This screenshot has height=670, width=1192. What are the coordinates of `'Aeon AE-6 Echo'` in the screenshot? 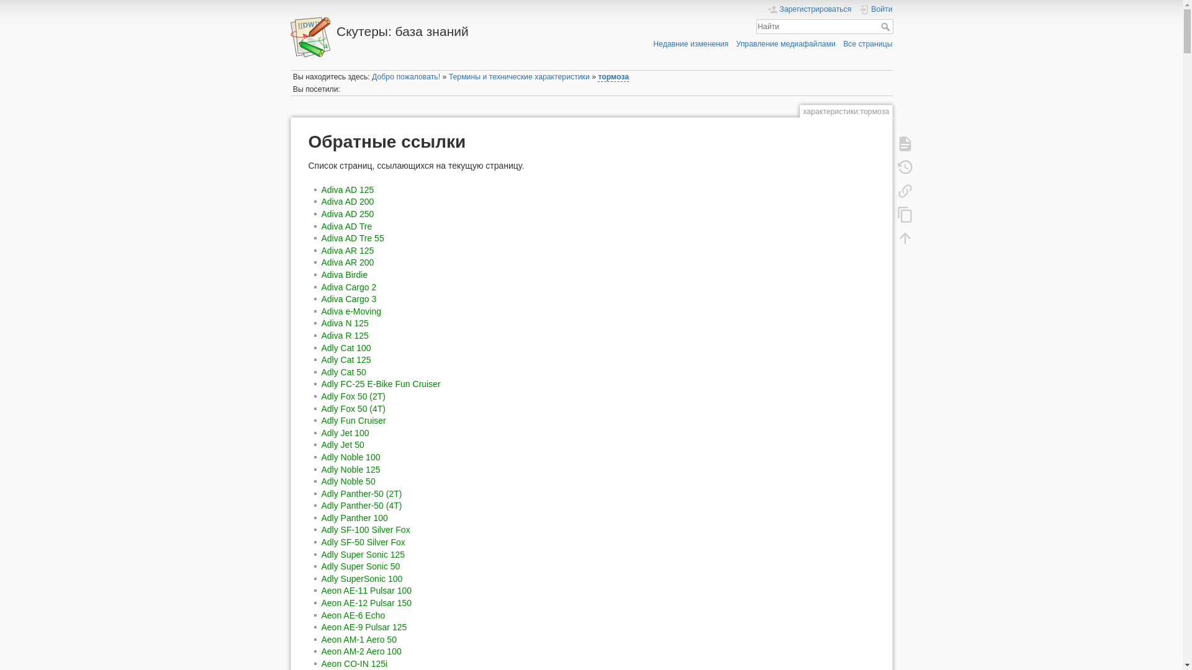 It's located at (353, 615).